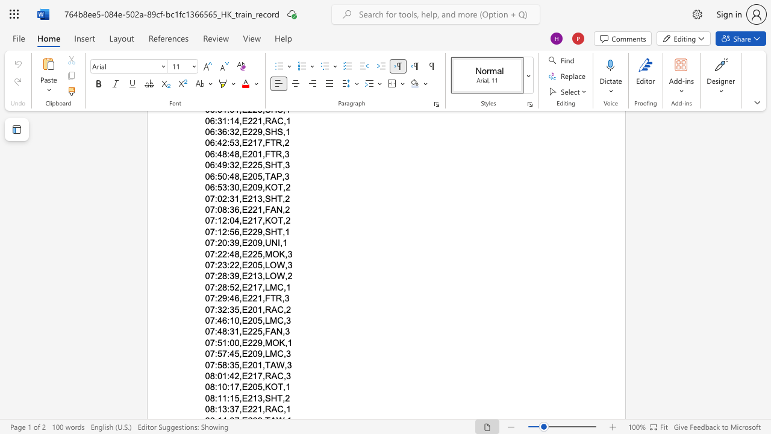 This screenshot has width=771, height=434. Describe the element at coordinates (257, 387) in the screenshot. I see `the subset text "5,KOT," within the text "08:10:17,E205,KOT,1"` at that location.